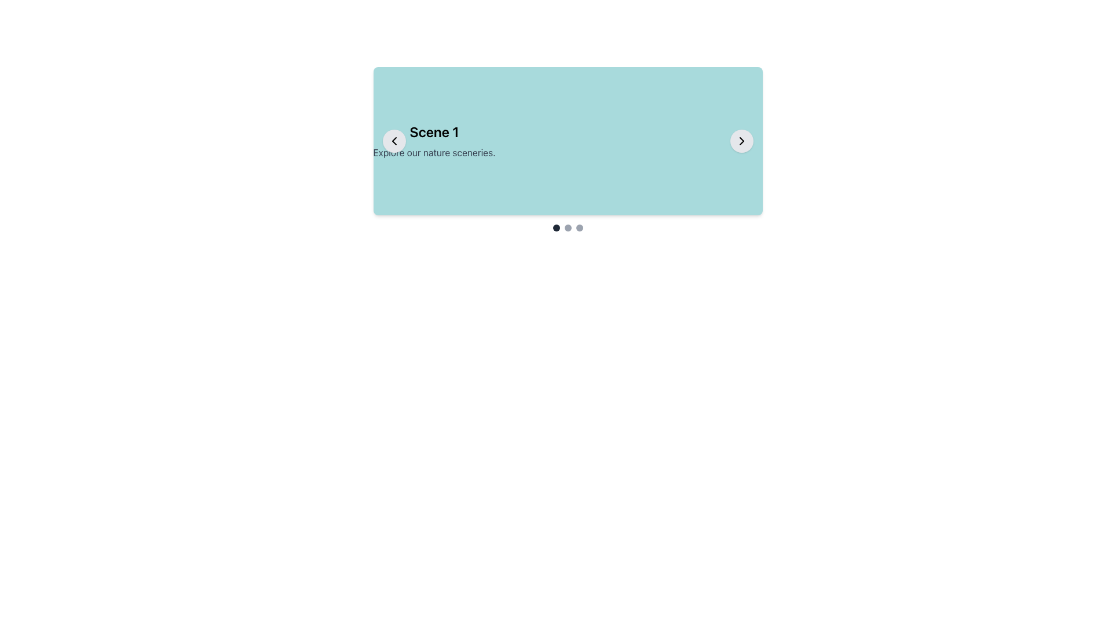  What do you see at coordinates (394, 140) in the screenshot?
I see `the left navigation icon` at bounding box center [394, 140].